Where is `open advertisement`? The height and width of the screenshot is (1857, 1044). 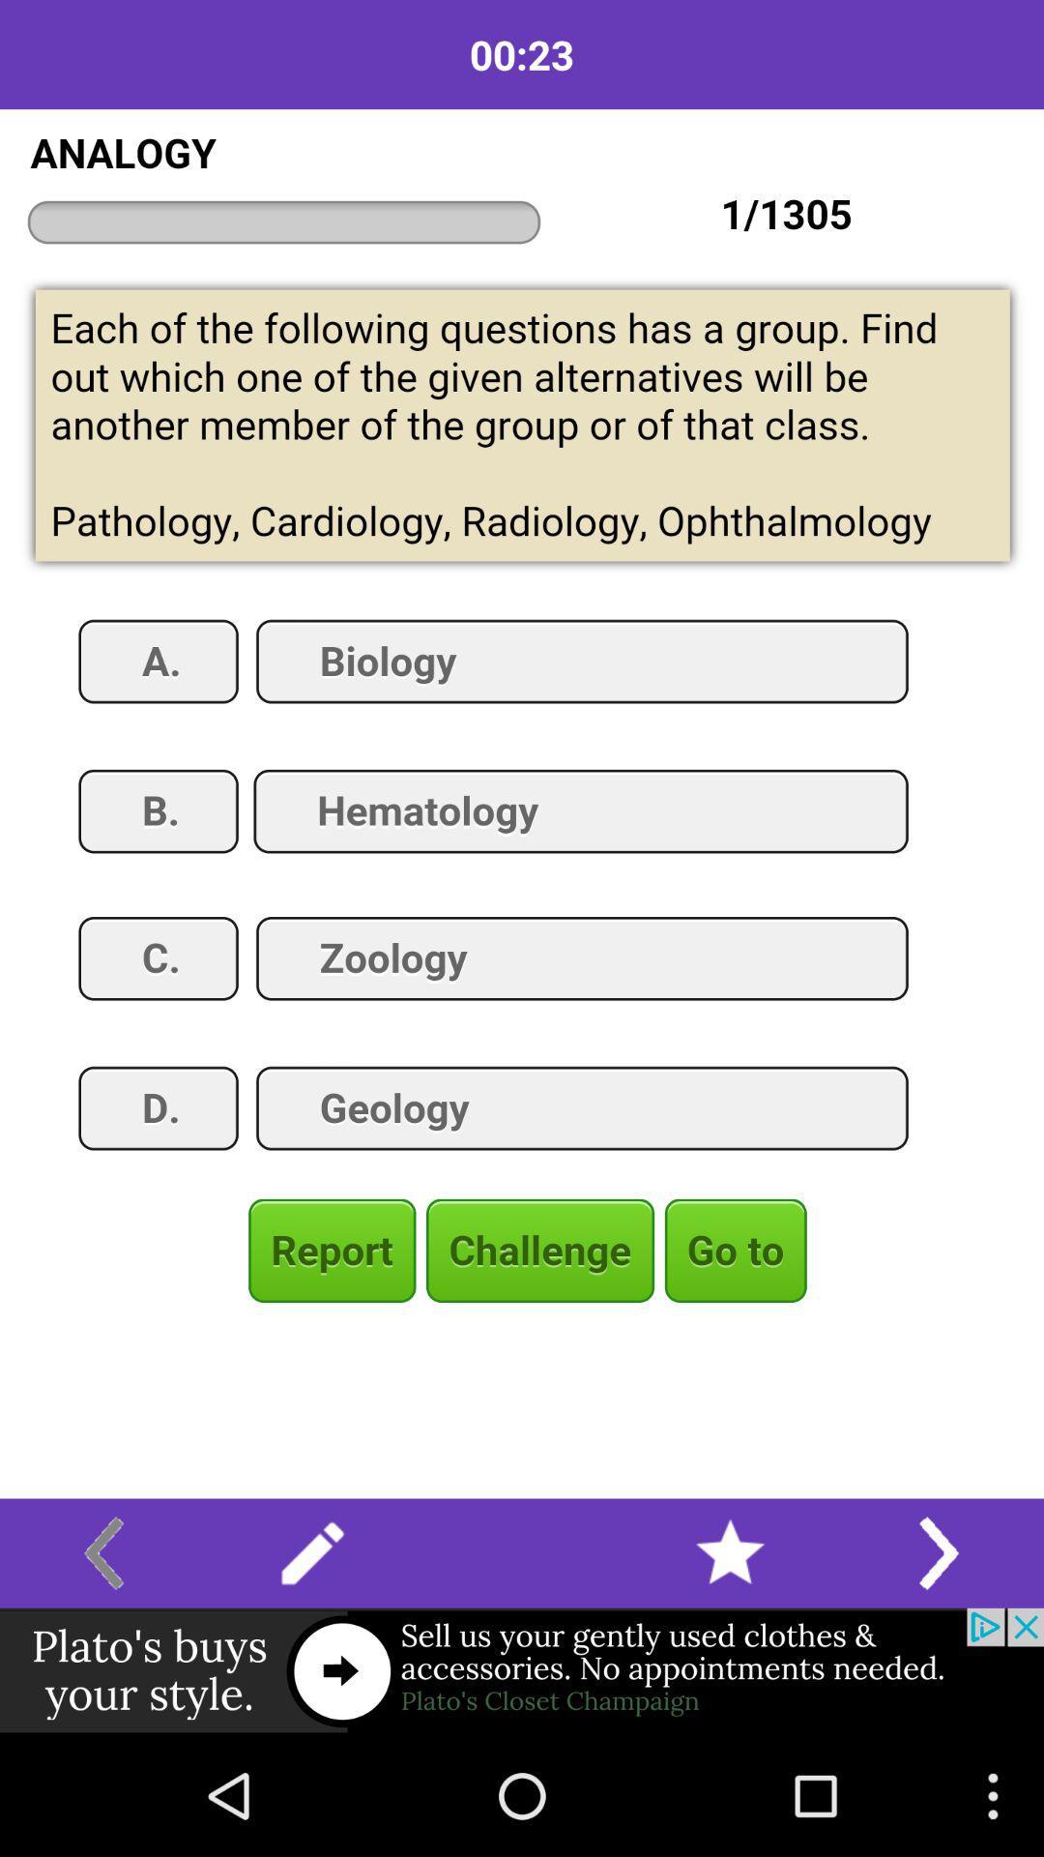
open advertisement is located at coordinates (522, 1670).